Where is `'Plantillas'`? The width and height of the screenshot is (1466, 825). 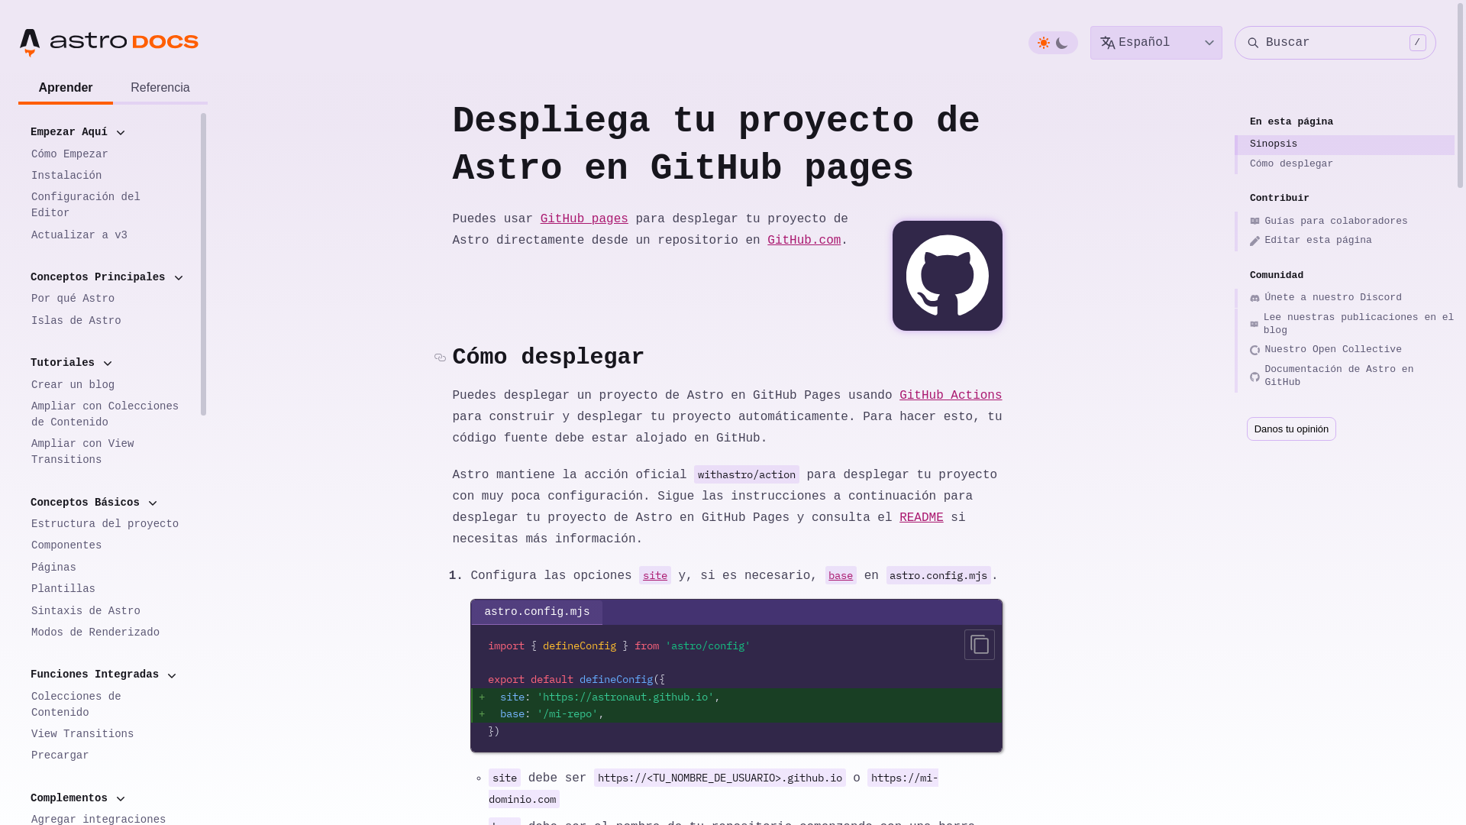 'Plantillas' is located at coordinates (107, 588).